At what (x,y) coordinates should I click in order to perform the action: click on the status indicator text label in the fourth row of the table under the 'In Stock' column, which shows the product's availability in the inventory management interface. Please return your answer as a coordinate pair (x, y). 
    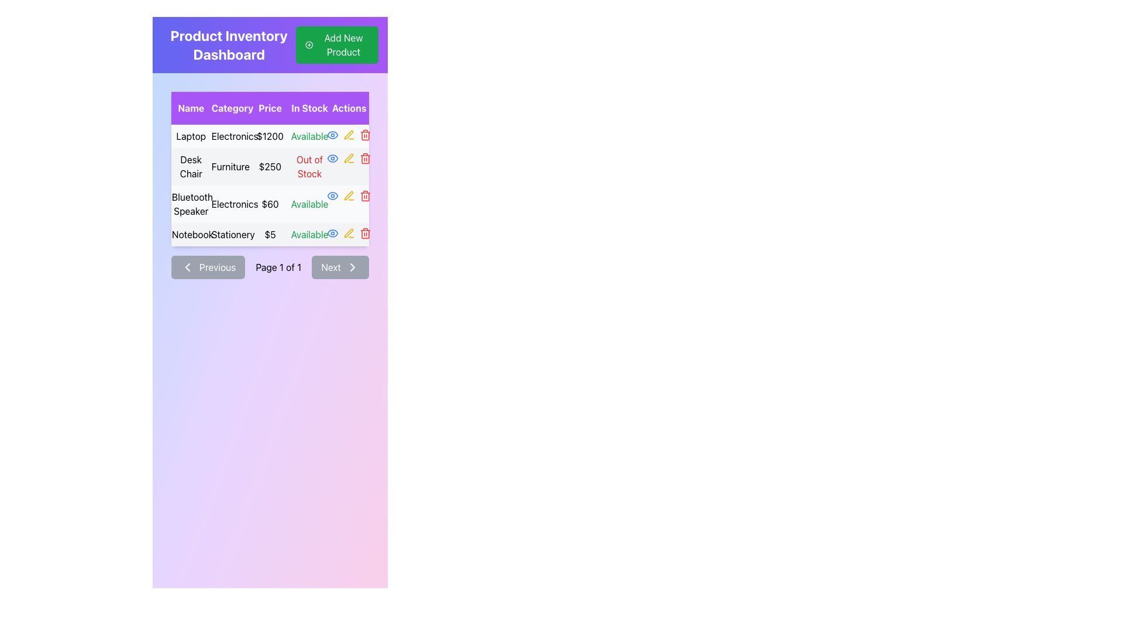
    Looking at the image, I should click on (309, 235).